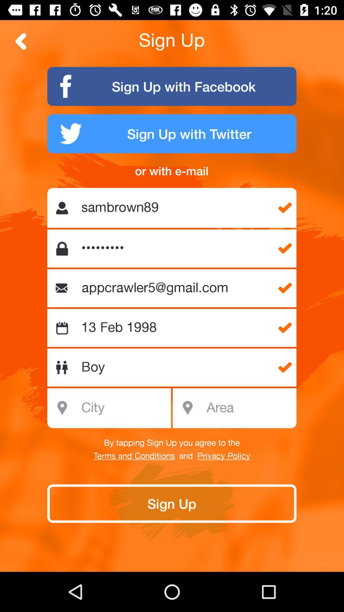 Image resolution: width=344 pixels, height=612 pixels. Describe the element at coordinates (175, 288) in the screenshot. I see `the appcrawler5@gmail.com item` at that location.